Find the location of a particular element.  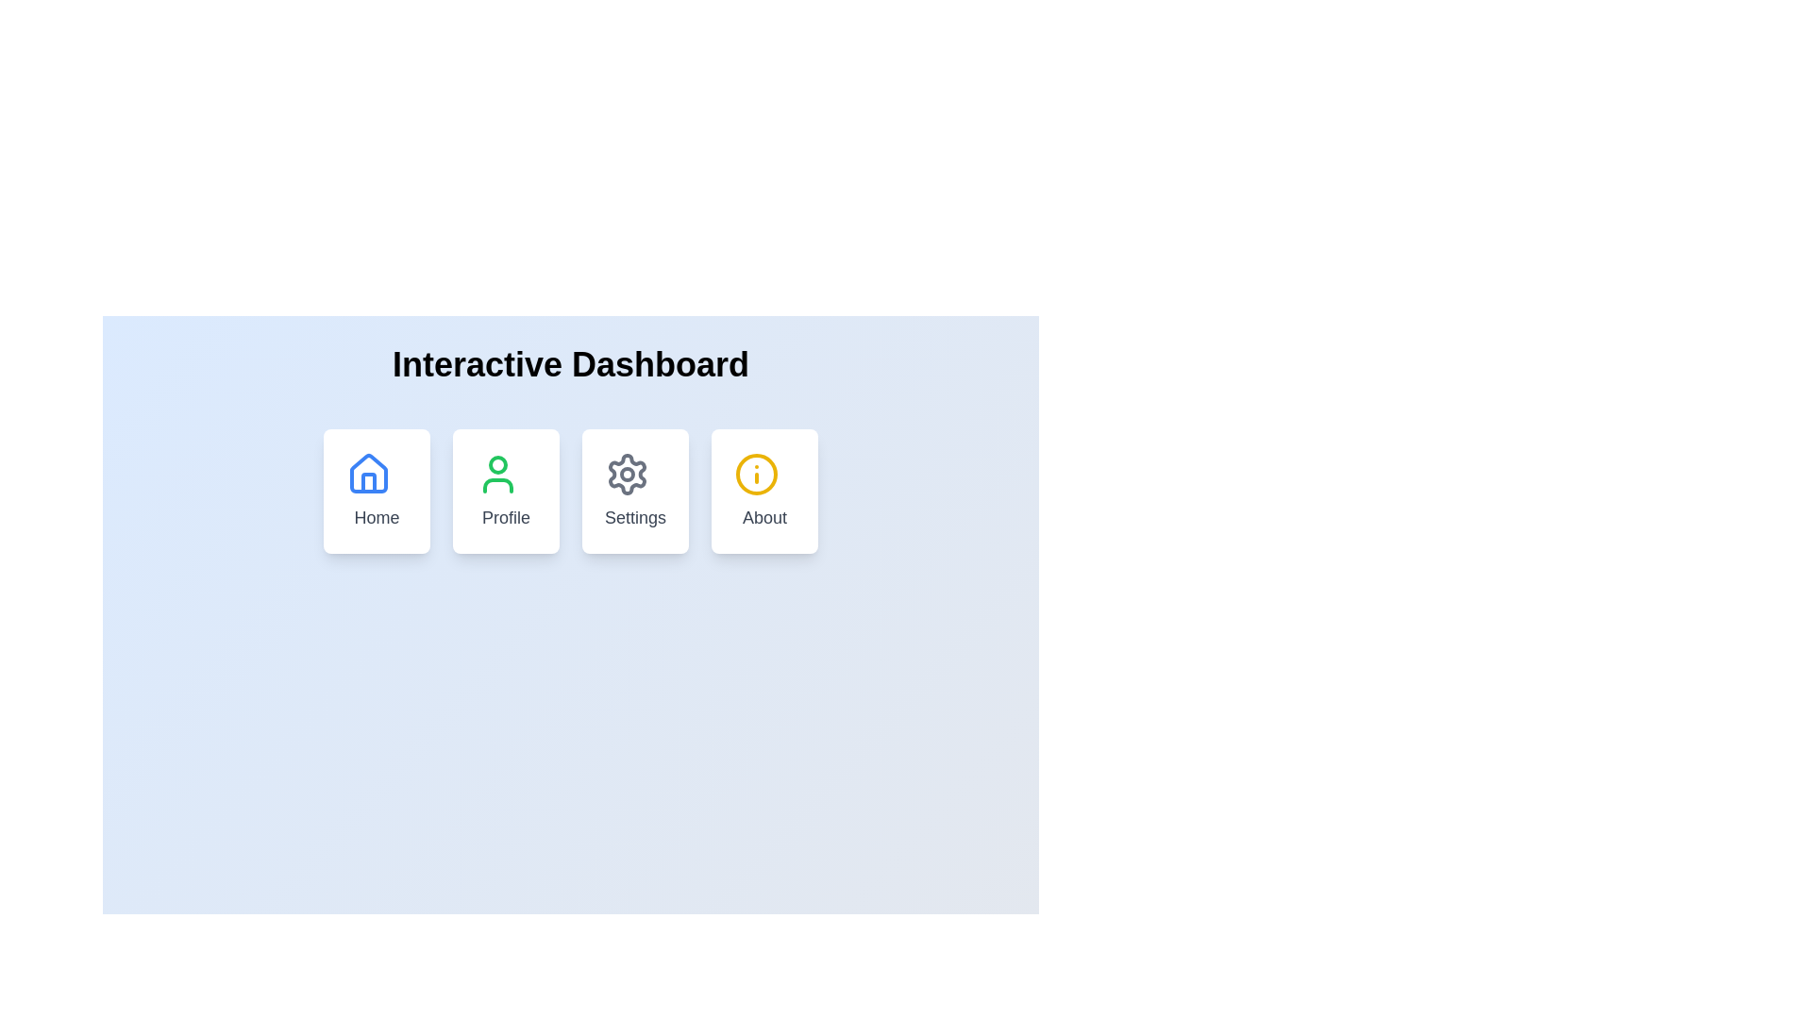

the 'Profile' button which contains a person icon with a green outline and a white background is located at coordinates (498, 473).